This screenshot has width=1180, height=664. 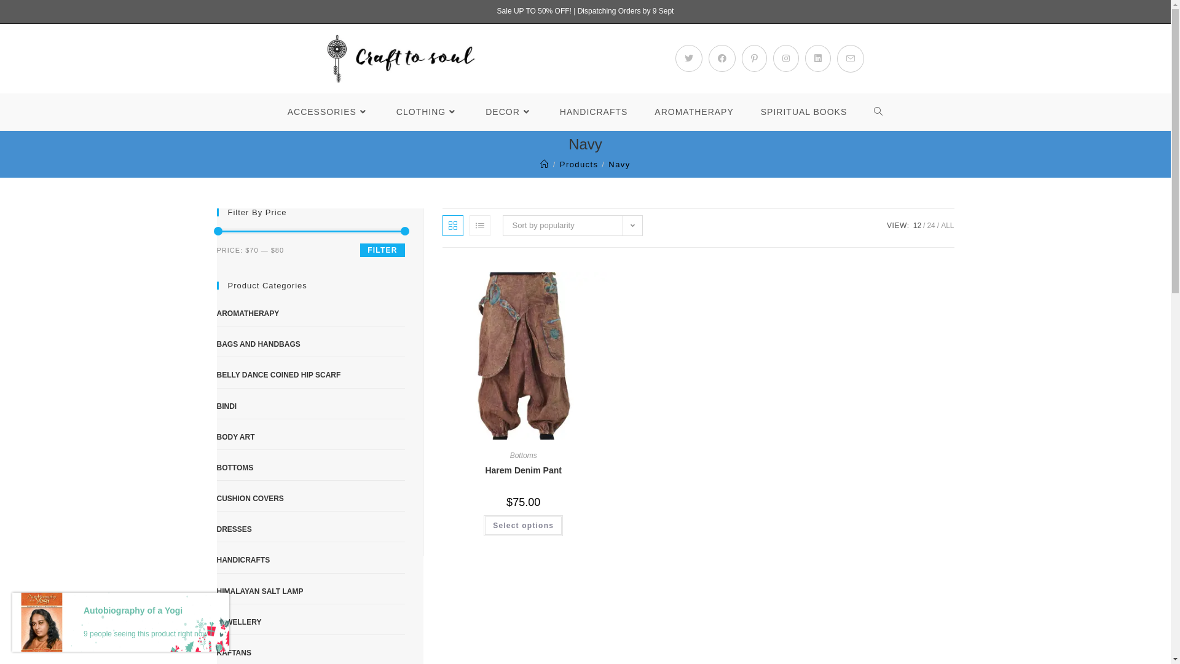 What do you see at coordinates (310, 499) in the screenshot?
I see `'CUSHION COVERS'` at bounding box center [310, 499].